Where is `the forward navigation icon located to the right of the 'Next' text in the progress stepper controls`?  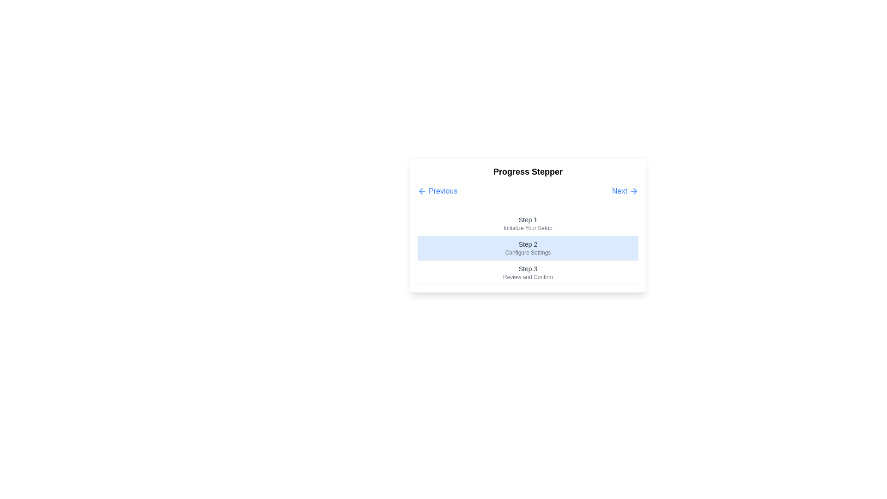
the forward navigation icon located to the right of the 'Next' text in the progress stepper controls is located at coordinates (633, 190).